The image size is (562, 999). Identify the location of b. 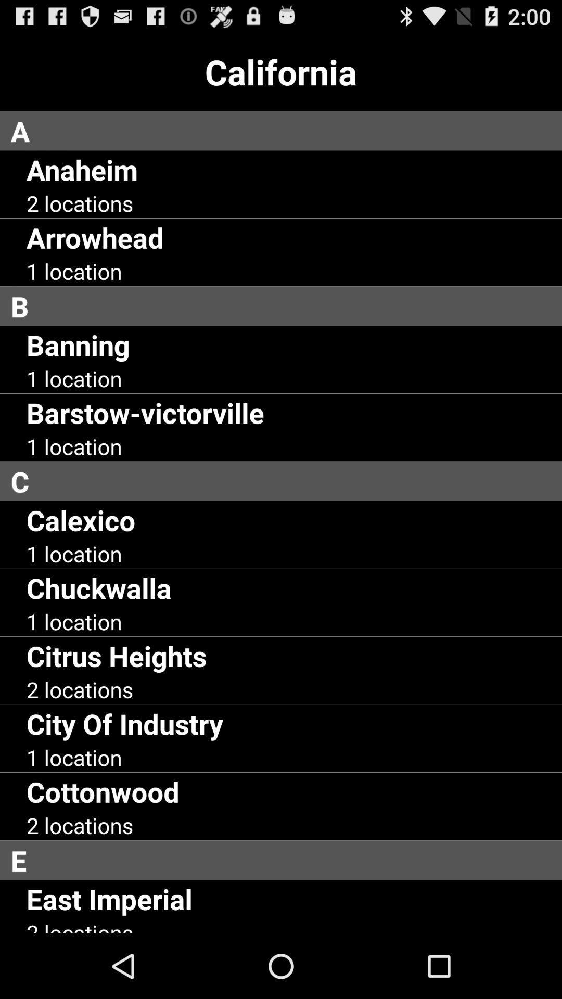
(286, 305).